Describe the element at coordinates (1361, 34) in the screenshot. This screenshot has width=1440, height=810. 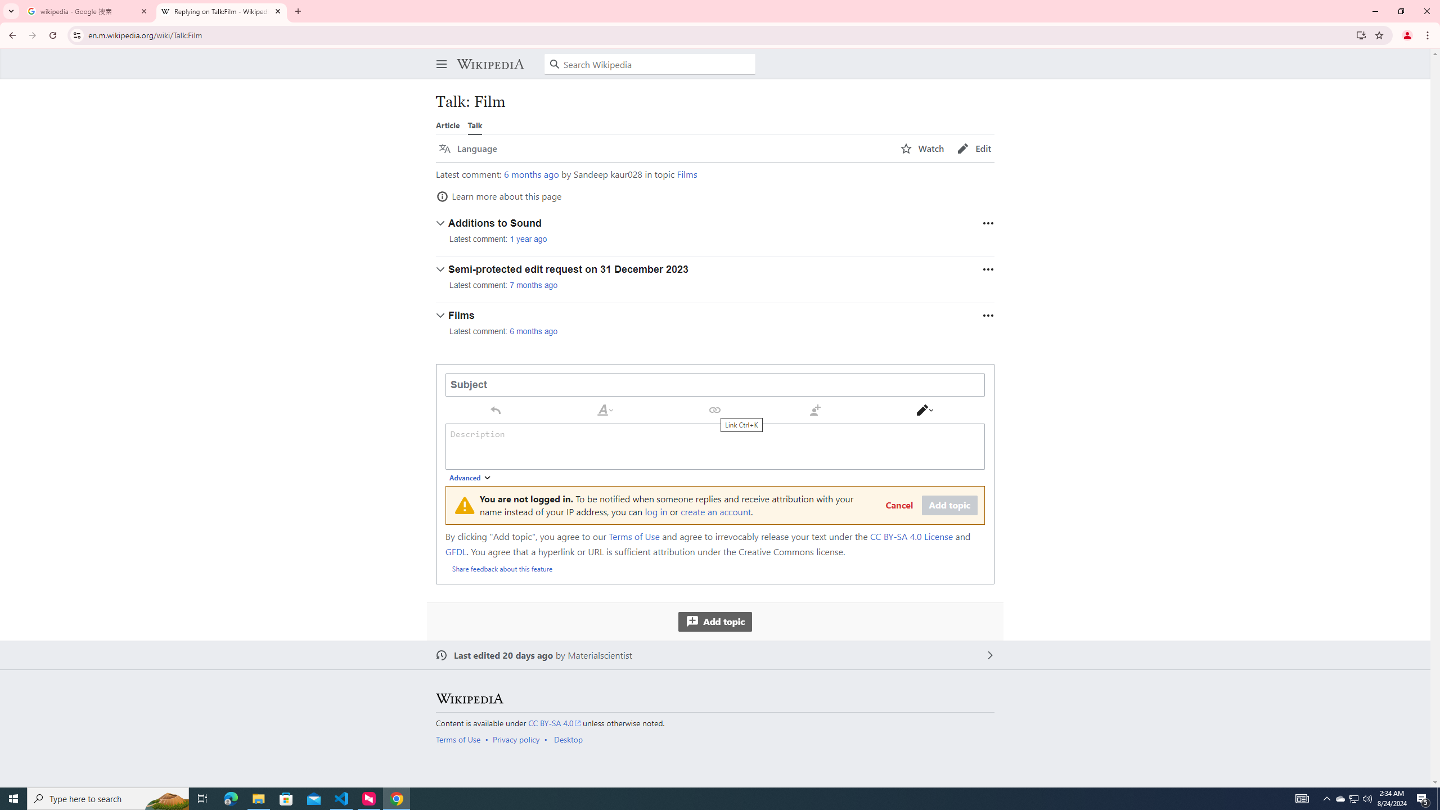
I see `'Install Wikipedia'` at that location.